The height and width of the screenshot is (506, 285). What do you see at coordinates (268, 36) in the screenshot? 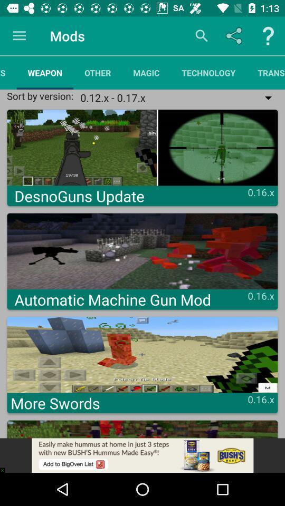
I see `help` at bounding box center [268, 36].